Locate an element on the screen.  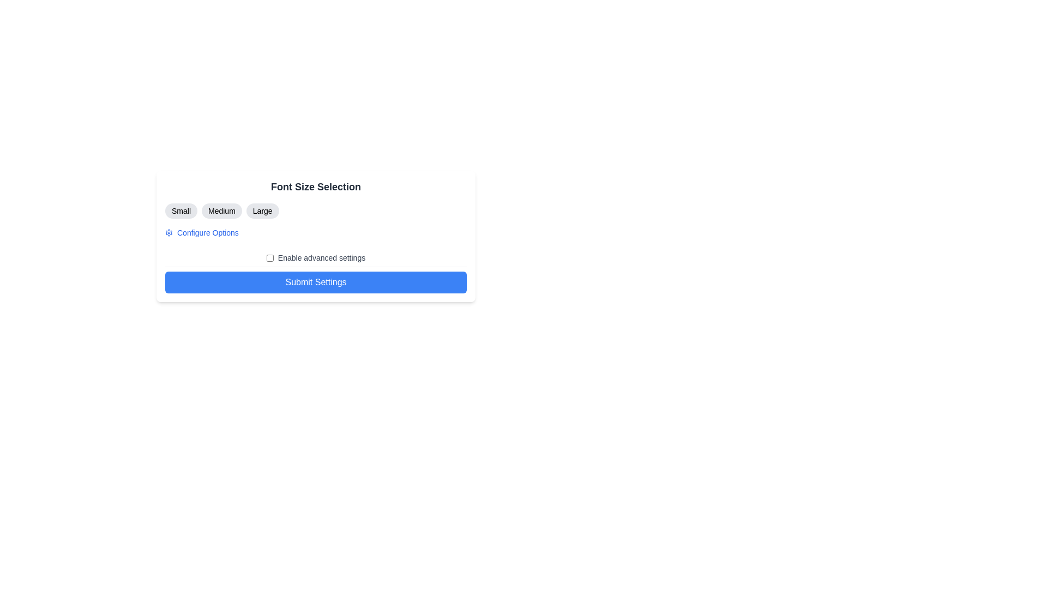
the Button link with an icon located below the size buttons is located at coordinates (202, 232).